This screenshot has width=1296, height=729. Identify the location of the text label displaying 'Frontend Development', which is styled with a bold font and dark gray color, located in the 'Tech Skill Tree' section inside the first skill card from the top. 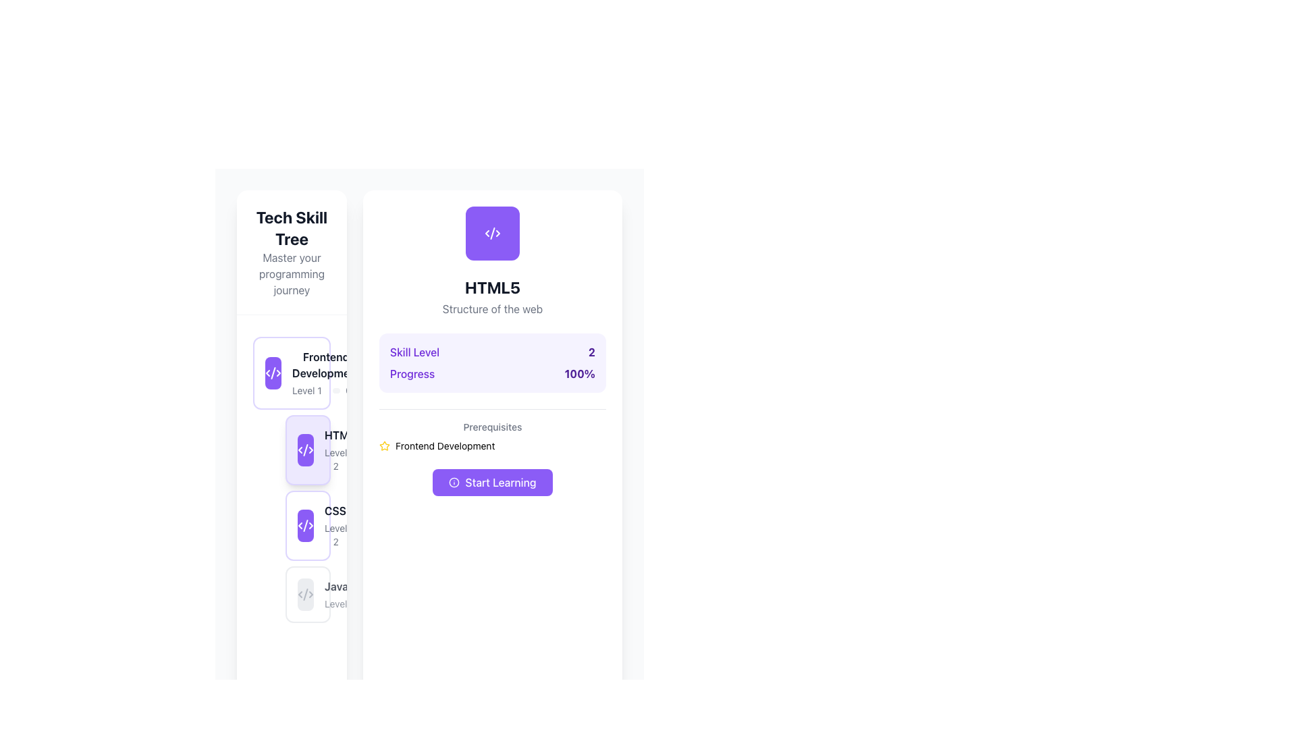
(326, 364).